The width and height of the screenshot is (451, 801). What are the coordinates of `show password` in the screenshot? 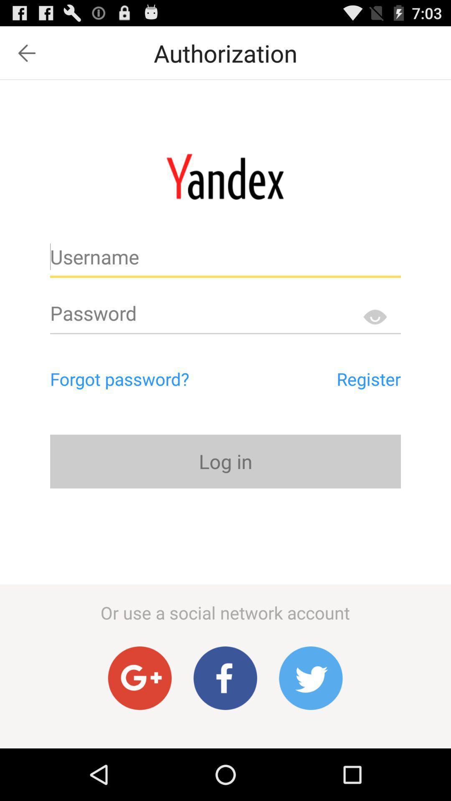 It's located at (374, 316).